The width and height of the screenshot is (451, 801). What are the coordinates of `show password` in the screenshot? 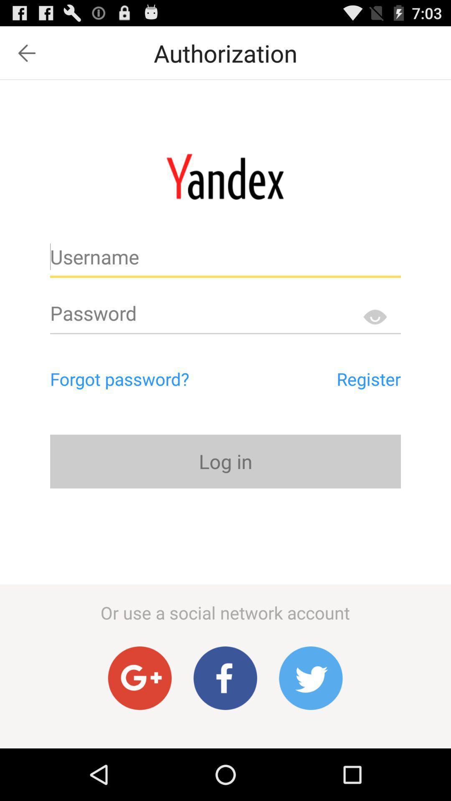 It's located at (374, 316).